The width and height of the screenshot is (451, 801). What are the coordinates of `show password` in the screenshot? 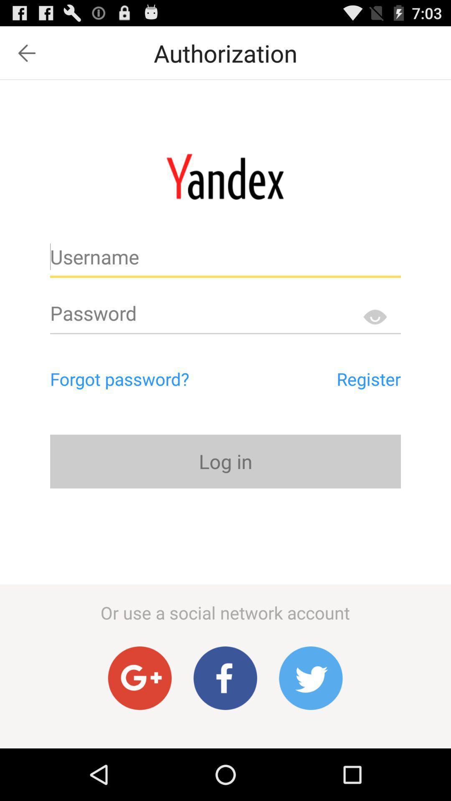 It's located at (374, 316).